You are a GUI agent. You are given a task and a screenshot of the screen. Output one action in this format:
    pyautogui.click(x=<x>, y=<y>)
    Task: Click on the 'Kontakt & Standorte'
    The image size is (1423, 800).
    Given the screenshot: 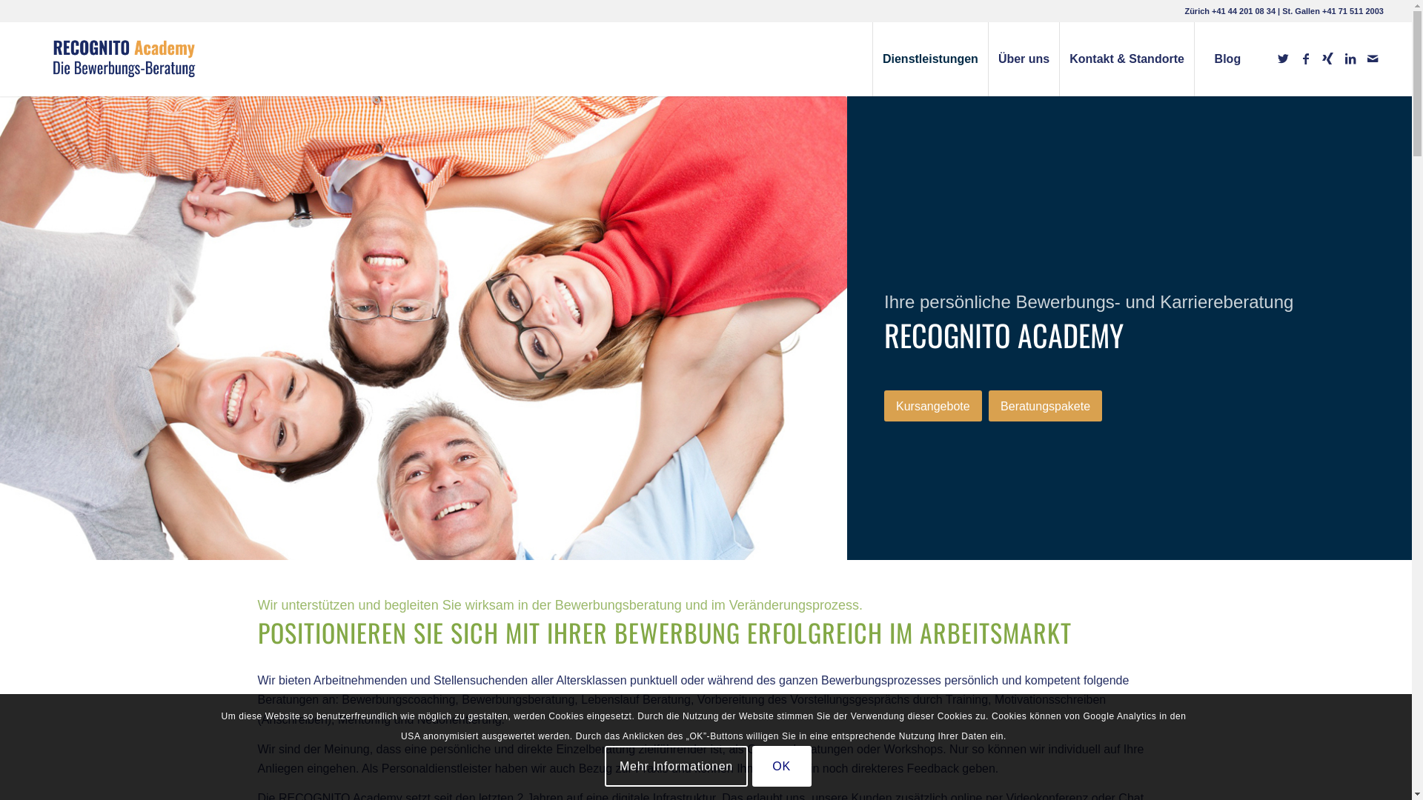 What is the action you would take?
    pyautogui.click(x=1058, y=59)
    